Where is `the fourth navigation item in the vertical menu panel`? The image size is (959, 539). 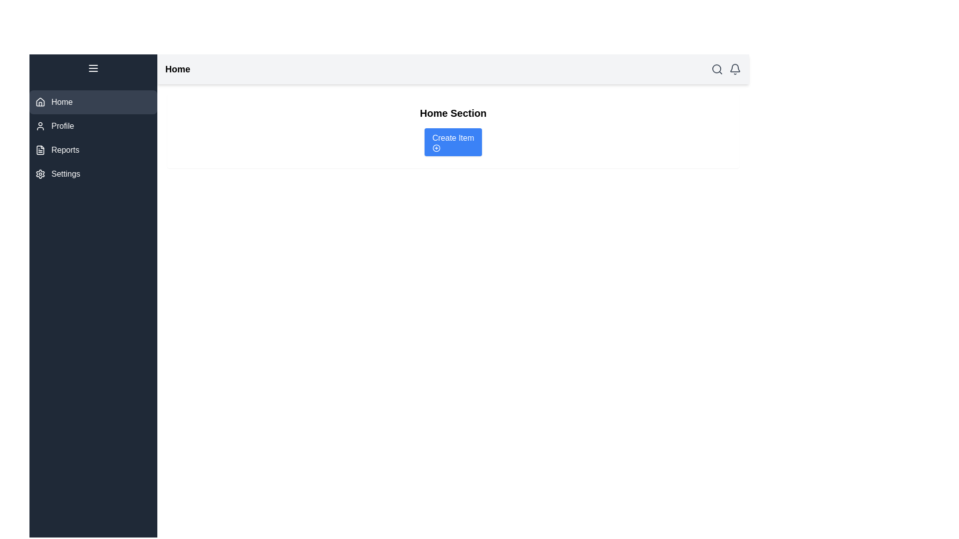
the fourth navigation item in the vertical menu panel is located at coordinates (93, 173).